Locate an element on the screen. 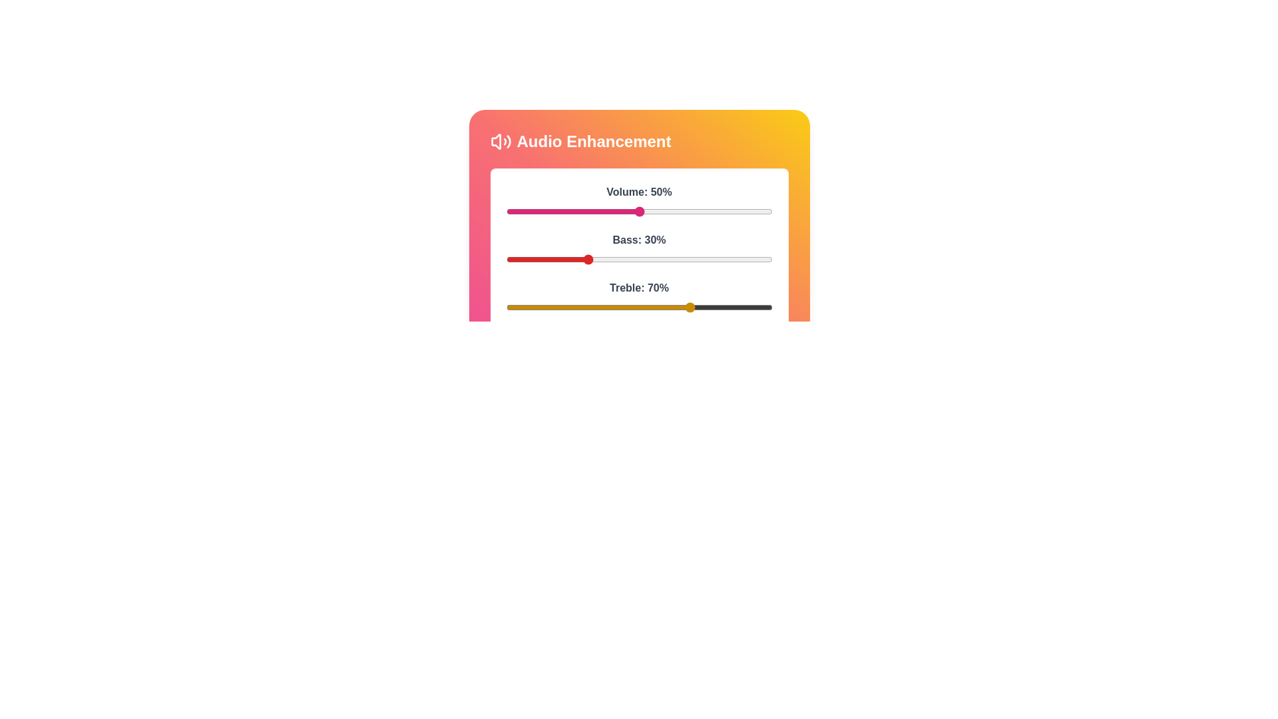 This screenshot has height=719, width=1278. the text label indicating the current bass level, which displays '30%'. This label is positioned centrally in the interface, above the 'Treble' section and below the 'Volume' section is located at coordinates (639, 240).